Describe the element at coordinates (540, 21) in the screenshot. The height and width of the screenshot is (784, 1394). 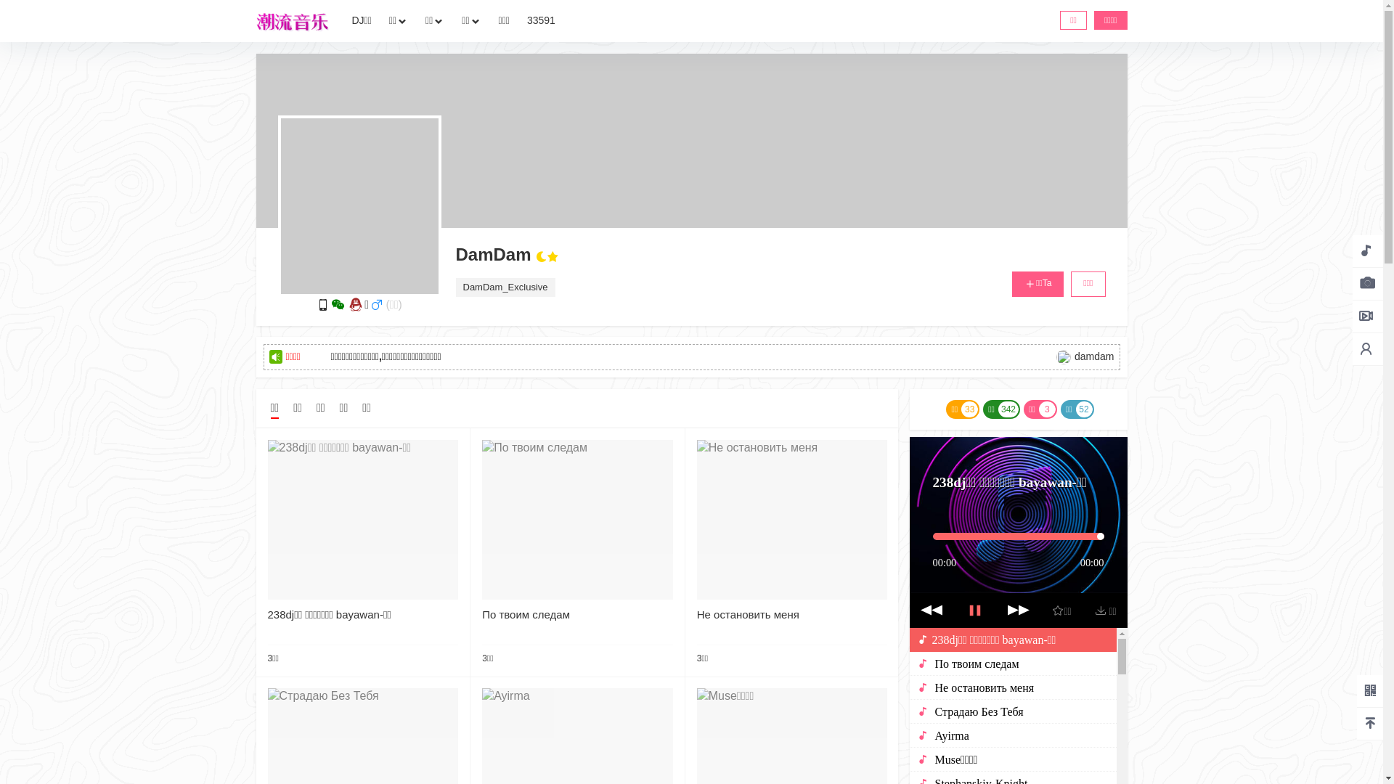
I see `'33591'` at that location.